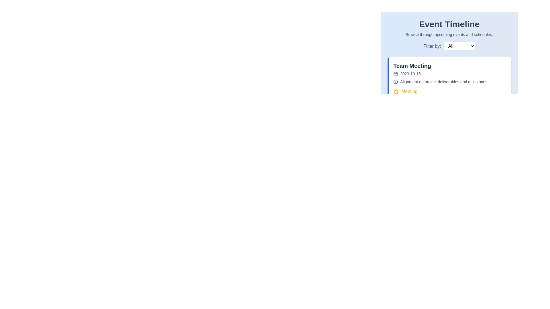  I want to click on the informational icon located to the left of the descriptive text under the 'Team Meeting' heading, so click(395, 82).